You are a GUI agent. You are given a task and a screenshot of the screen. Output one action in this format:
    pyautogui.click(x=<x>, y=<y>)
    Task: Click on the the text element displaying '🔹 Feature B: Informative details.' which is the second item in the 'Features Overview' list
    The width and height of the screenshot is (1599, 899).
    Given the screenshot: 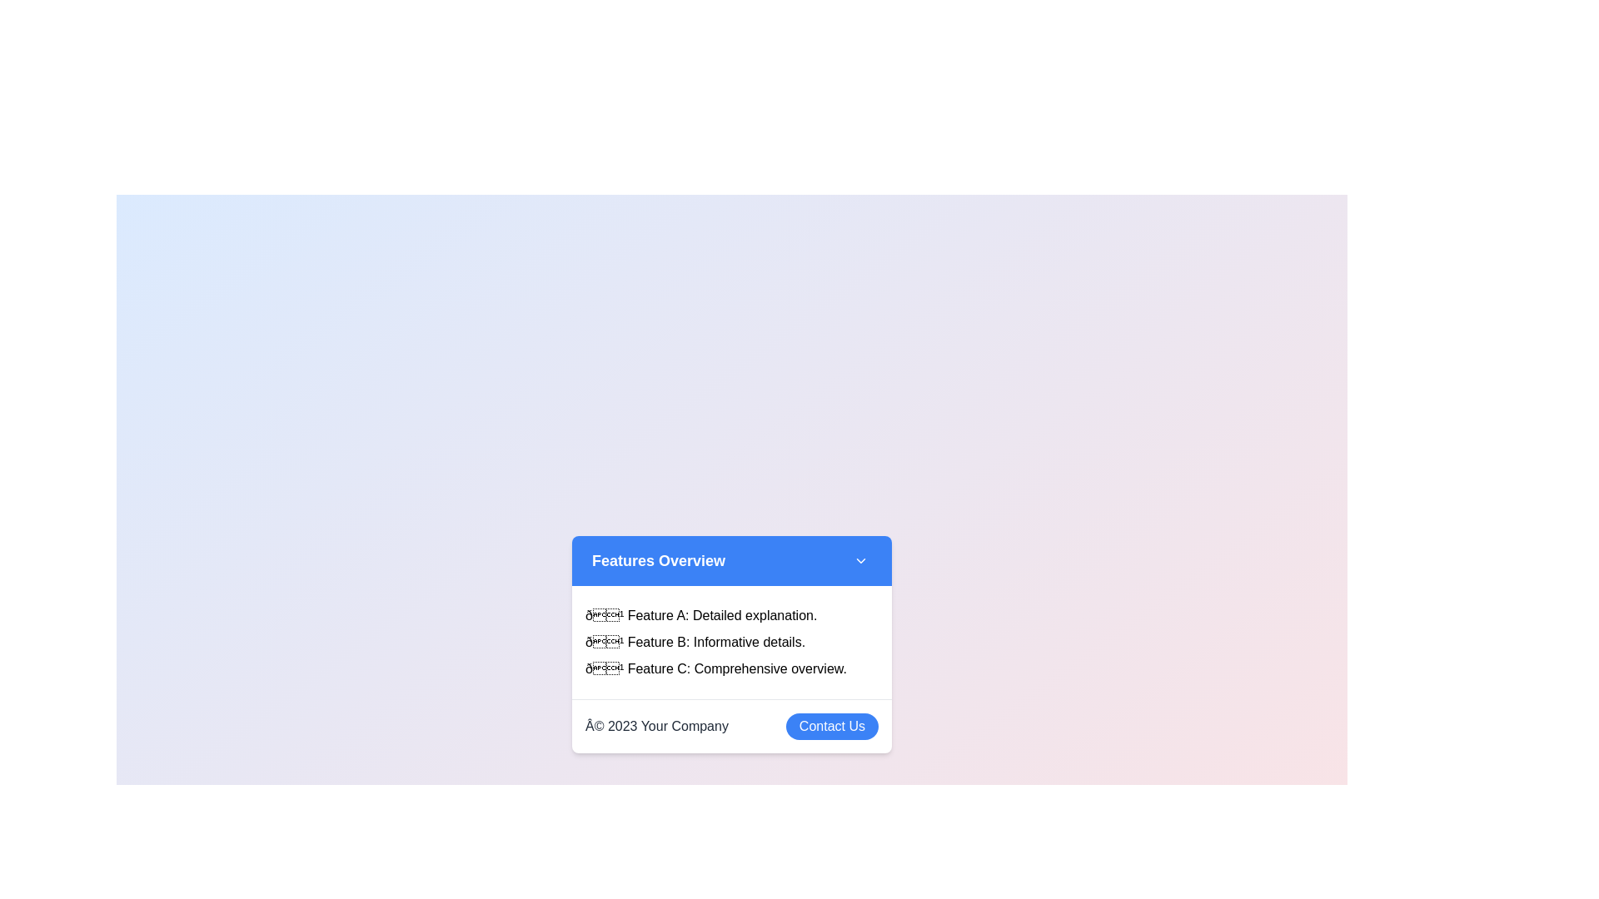 What is the action you would take?
    pyautogui.click(x=731, y=641)
    